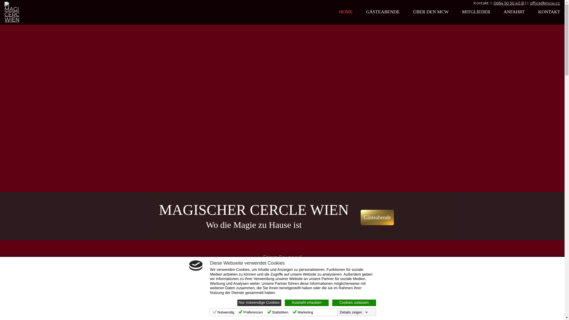  Describe the element at coordinates (354, 312) in the screenshot. I see `'Details zeigen'` at that location.